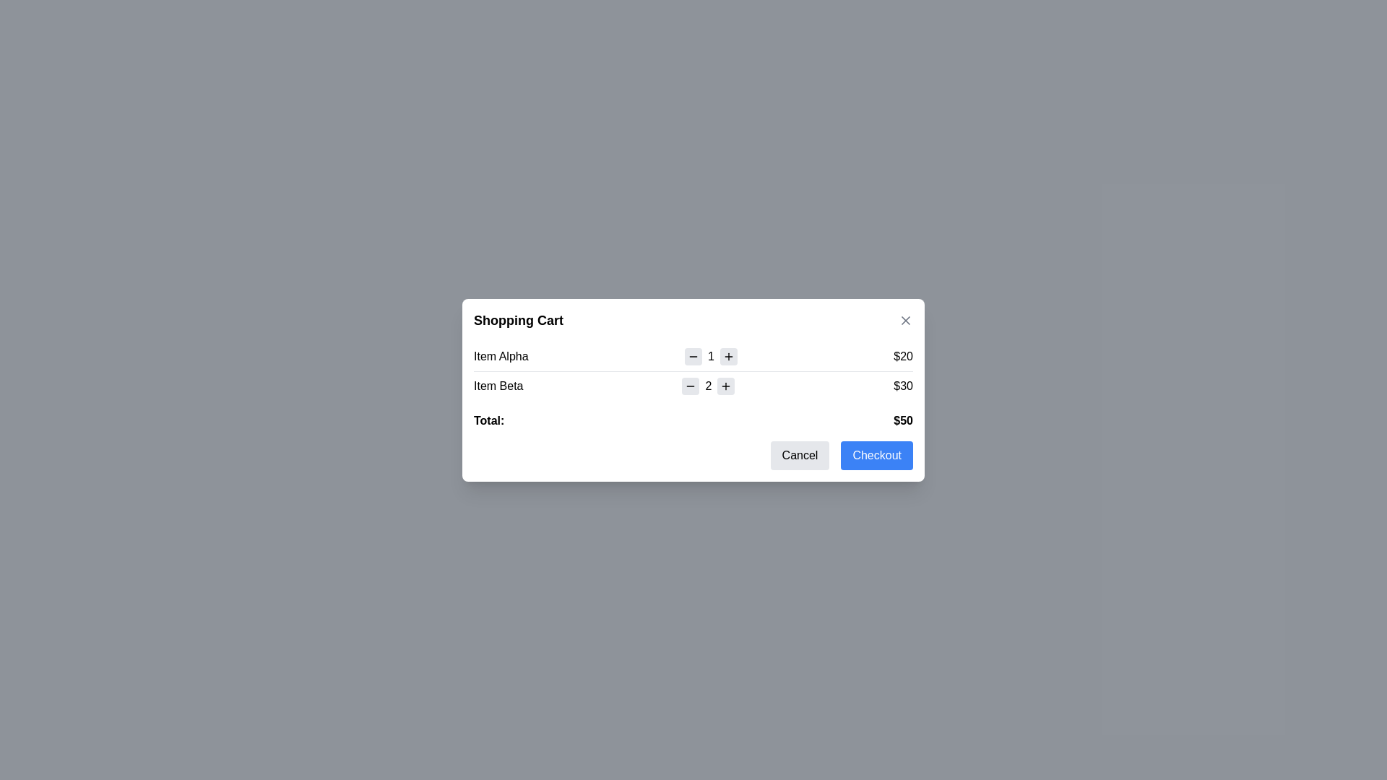  I want to click on the gray rounded square button to the left of the quantity input box for 'Item Beta' in the shopping cart dialog, so click(690, 385).